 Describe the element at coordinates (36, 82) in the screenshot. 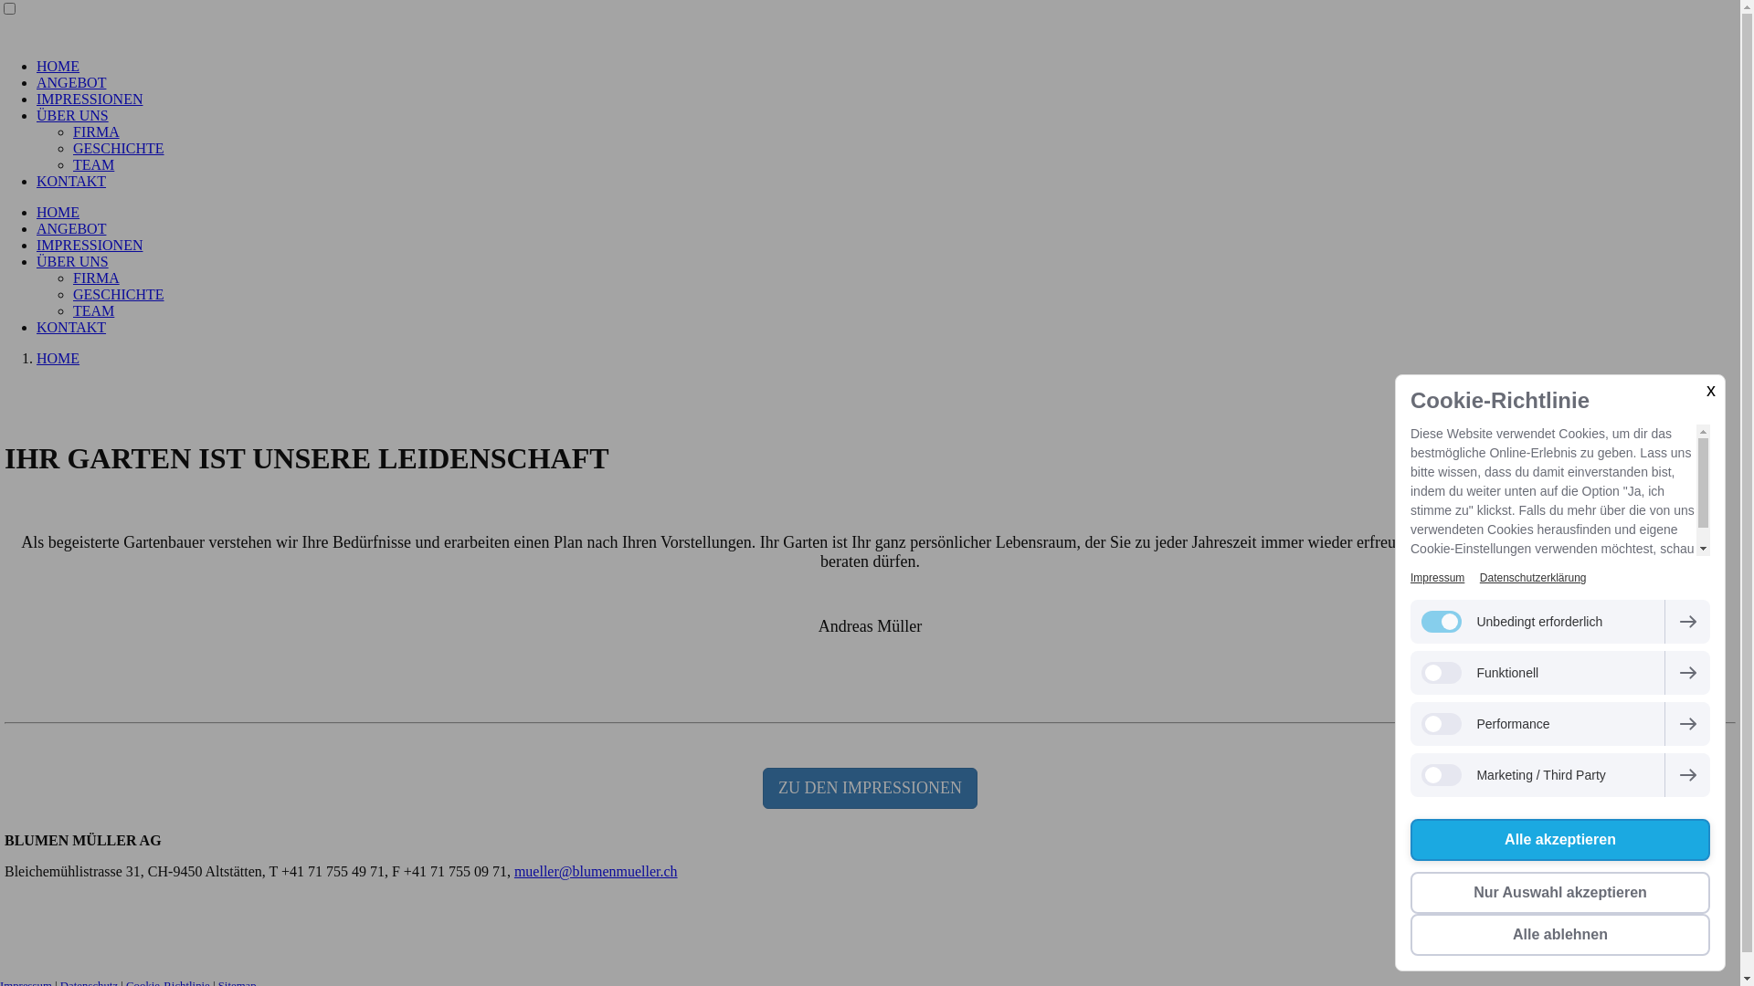

I see `'ANGEBOT'` at that location.